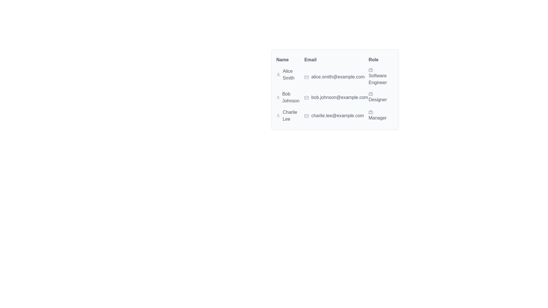 The width and height of the screenshot is (548, 308). Describe the element at coordinates (371, 112) in the screenshot. I see `the decorative vertical line segment icon in the rightmost column under the 'Role' heading, associated with 'Charlie Lee'` at that location.